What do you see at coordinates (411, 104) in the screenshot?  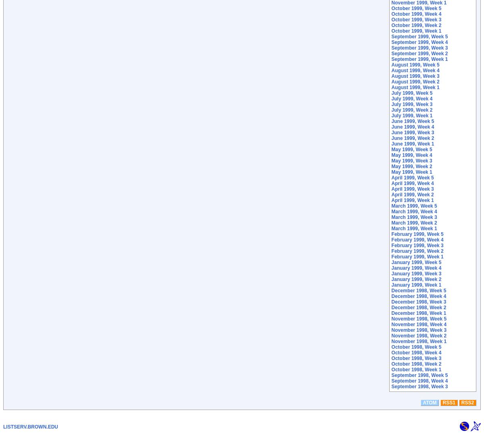 I see `'July 1999, Week 3'` at bounding box center [411, 104].